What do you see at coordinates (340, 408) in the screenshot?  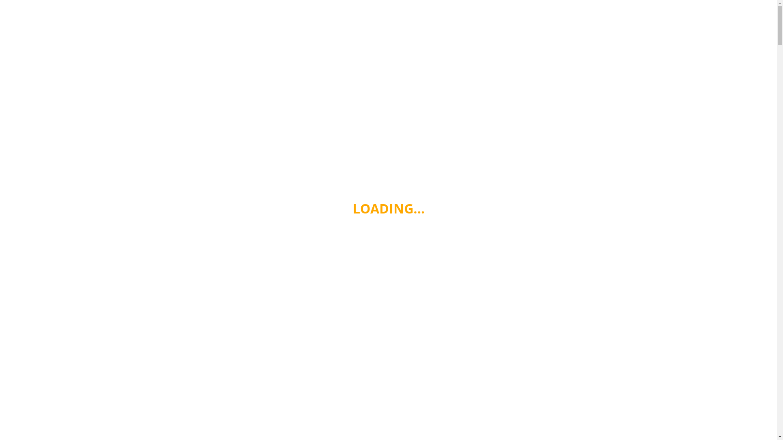 I see `'6 Ways to Use Kelp Noodles'` at bounding box center [340, 408].